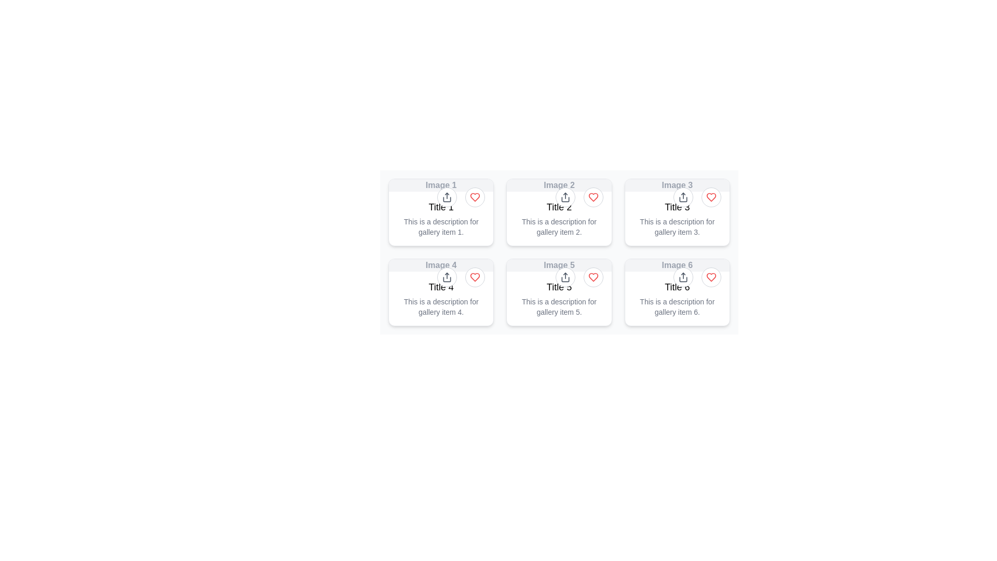  Describe the element at coordinates (447, 276) in the screenshot. I see `the circular share button with a white background and light gray border located in the top-right corner of 'Image 4' to share the item` at that location.